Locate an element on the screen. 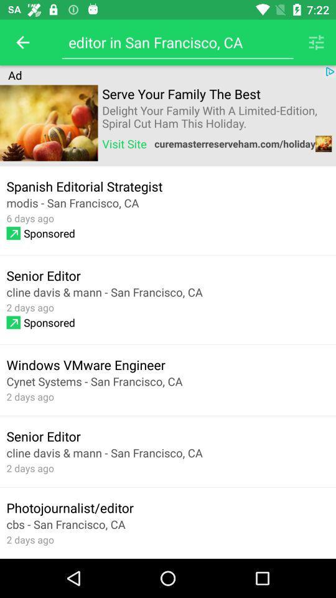 This screenshot has width=336, height=598. previous page is located at coordinates (22, 42).